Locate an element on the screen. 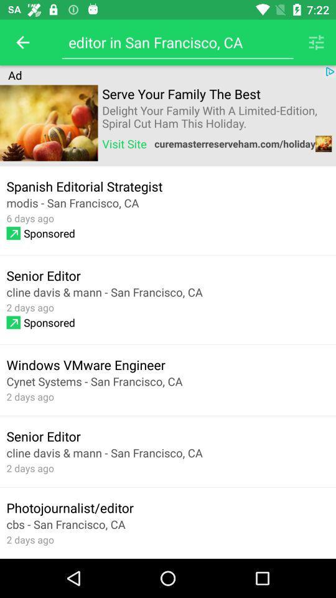 This screenshot has width=336, height=598. previous page is located at coordinates (22, 42).